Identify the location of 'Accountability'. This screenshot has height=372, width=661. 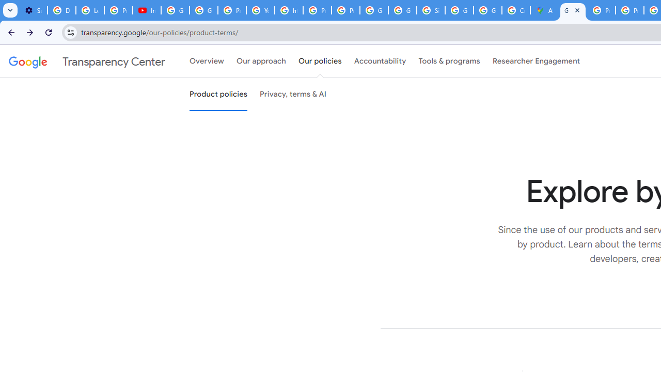
(380, 61).